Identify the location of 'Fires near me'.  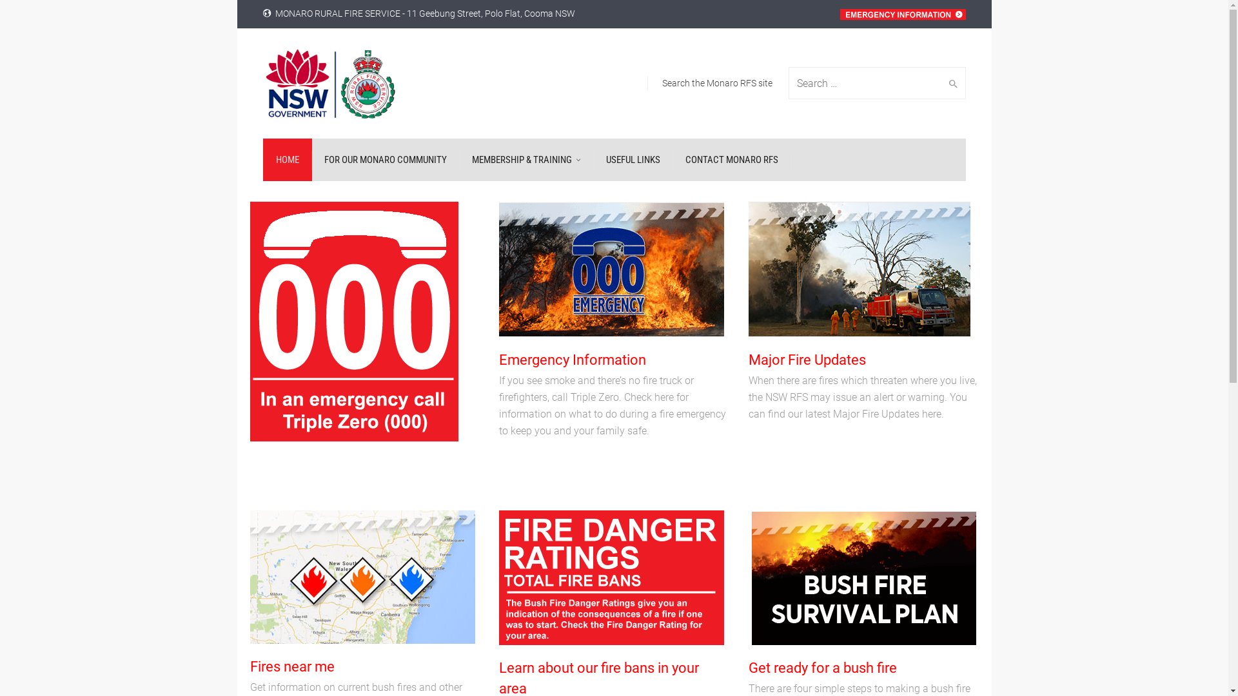
(291, 666).